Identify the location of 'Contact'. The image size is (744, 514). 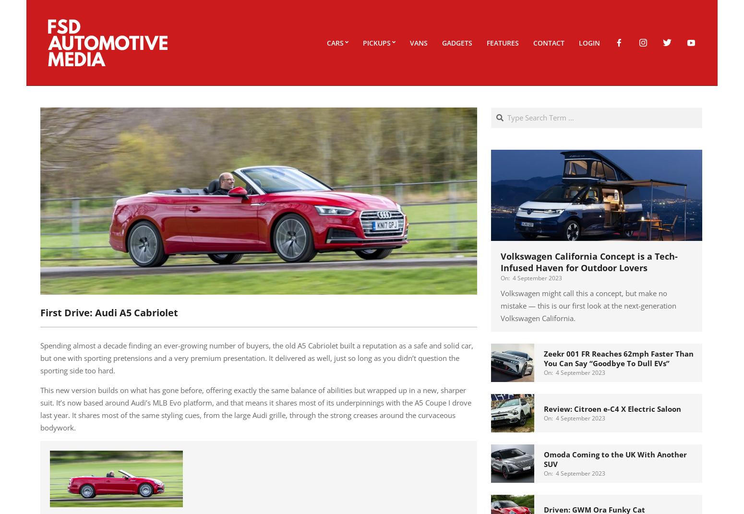
(548, 42).